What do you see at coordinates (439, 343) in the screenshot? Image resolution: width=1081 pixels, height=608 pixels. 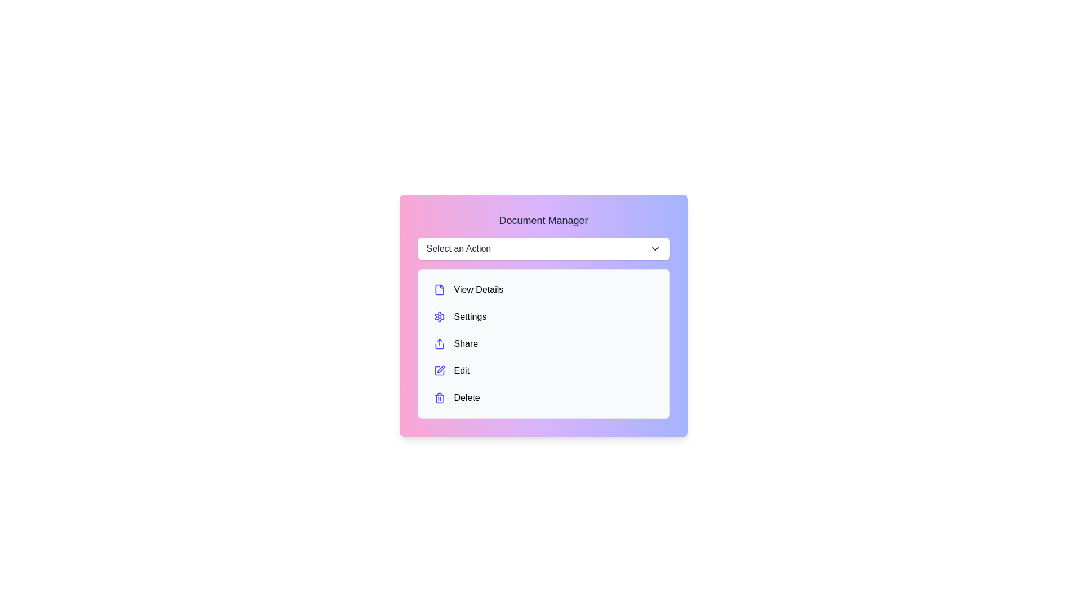 I see `the share icon, which is styled with a blue gradient and resembles an upward-pointing arrow, located within the 'Share' button and to the left of the text 'Share'` at bounding box center [439, 343].